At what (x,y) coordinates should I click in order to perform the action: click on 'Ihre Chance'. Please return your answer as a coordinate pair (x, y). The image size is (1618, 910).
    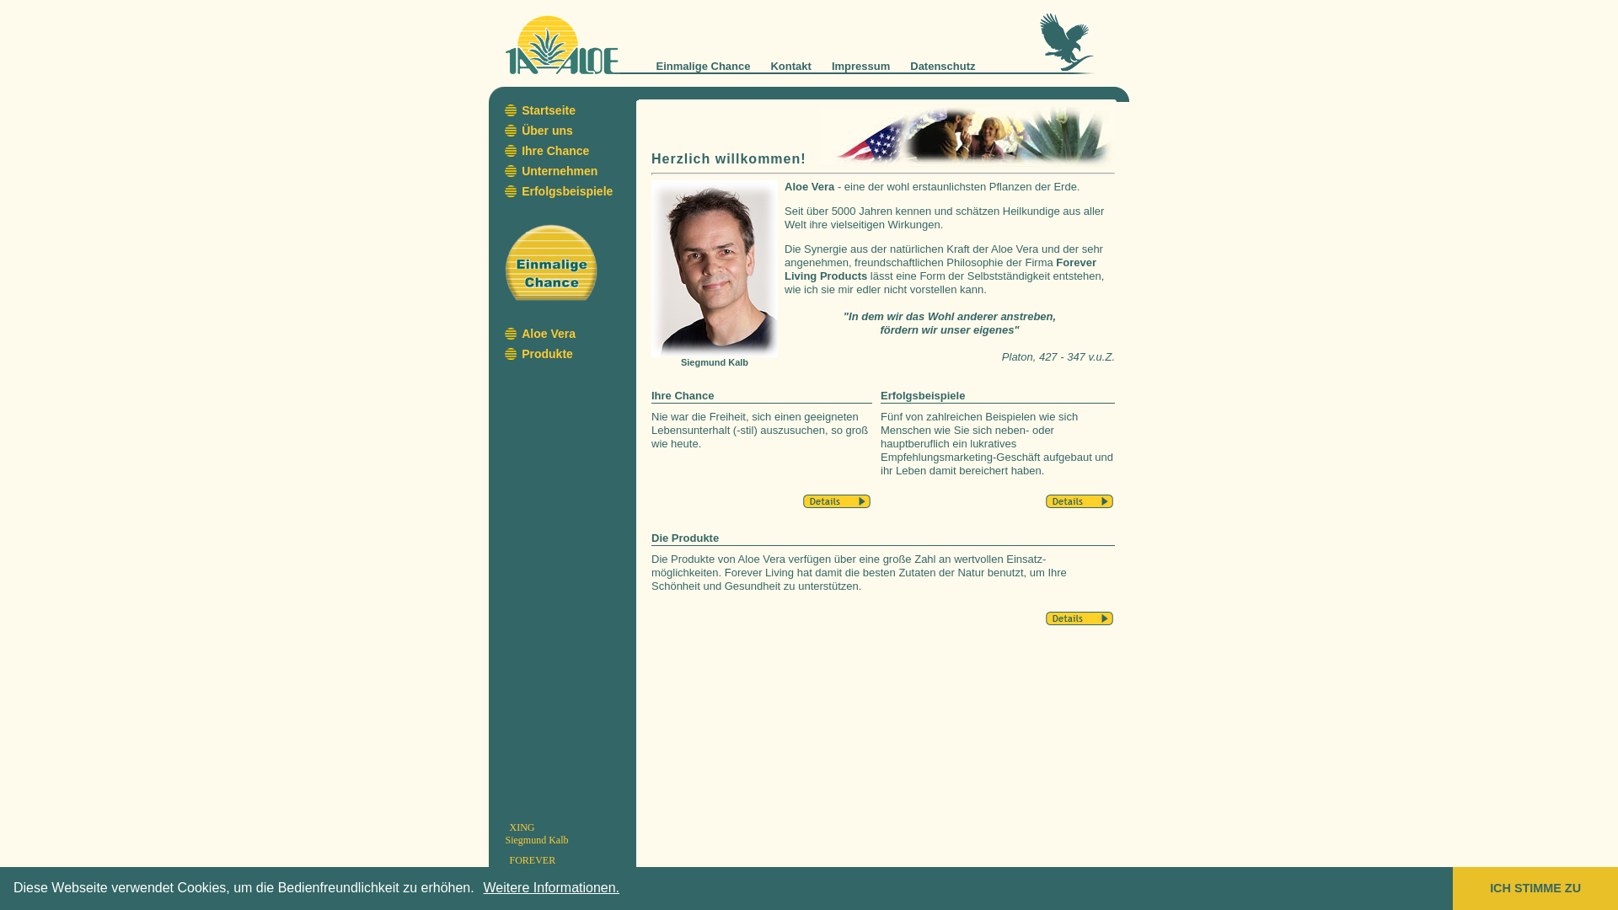
    Looking at the image, I should click on (555, 149).